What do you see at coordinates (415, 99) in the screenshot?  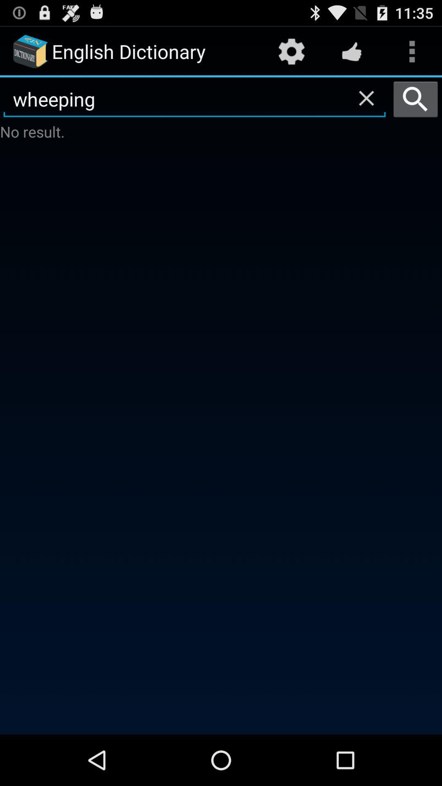 I see `the icon to the right of wheeping item` at bounding box center [415, 99].